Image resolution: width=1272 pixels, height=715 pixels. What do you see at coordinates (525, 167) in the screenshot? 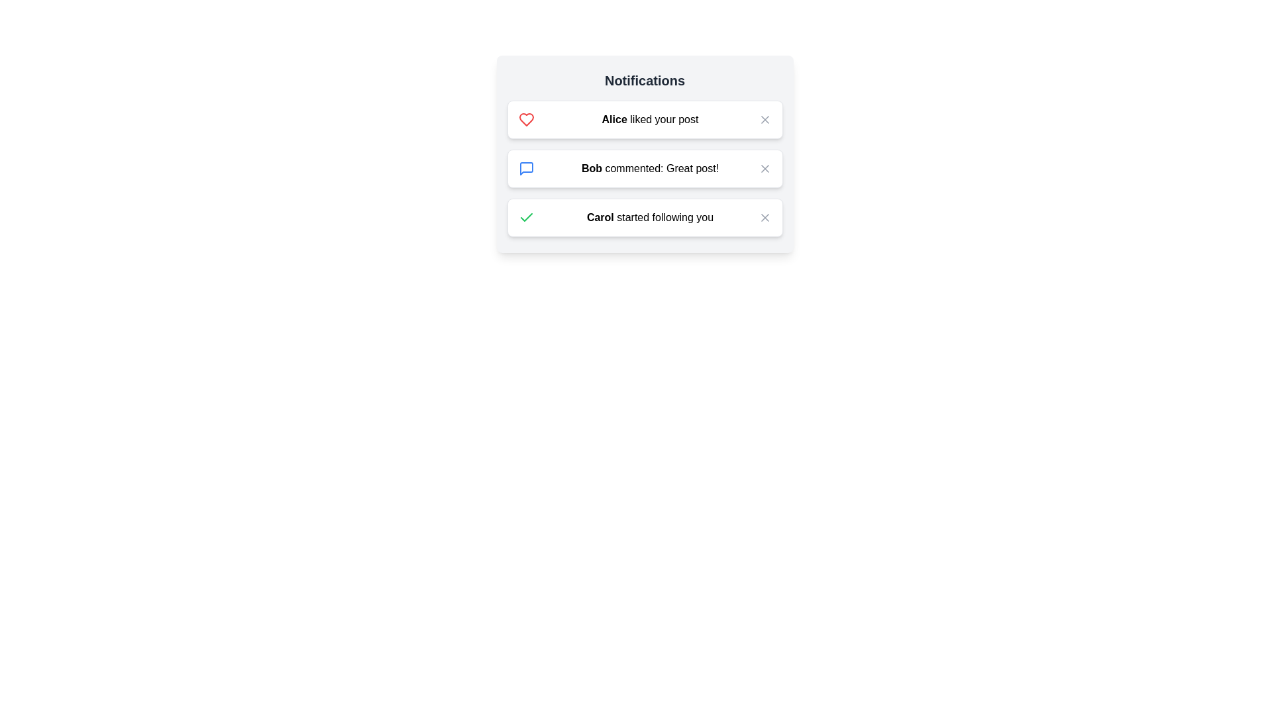
I see `the message bubble icon located in the notification panel, which is styled in blue and positioned to the left of the text 'Bob commented: Great post!'` at bounding box center [525, 167].